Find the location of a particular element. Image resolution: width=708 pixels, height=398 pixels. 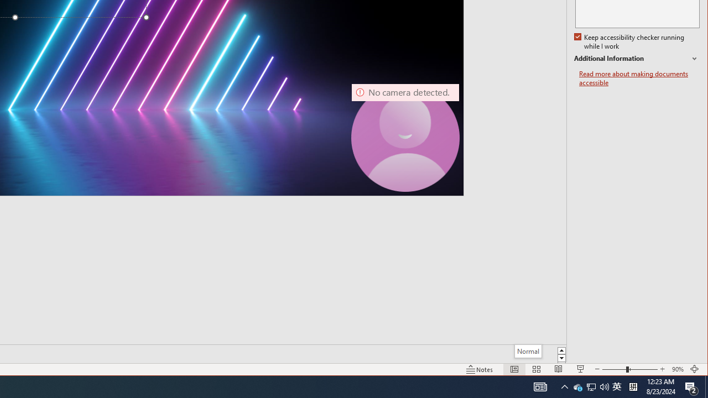

'Keep accessibility checker running while I work' is located at coordinates (630, 41).